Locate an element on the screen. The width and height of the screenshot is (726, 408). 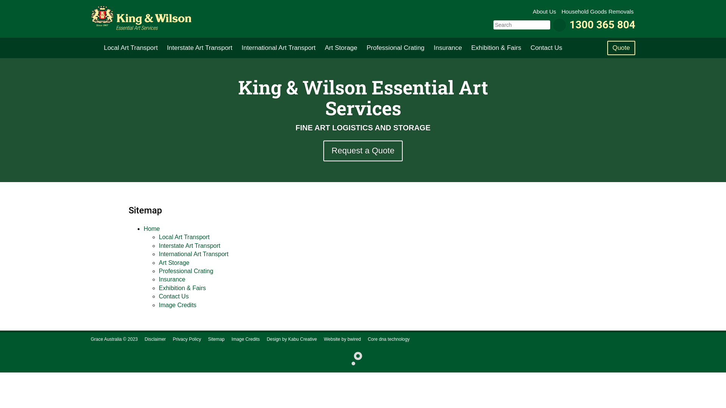
'Professional Crating' is located at coordinates (395, 48).